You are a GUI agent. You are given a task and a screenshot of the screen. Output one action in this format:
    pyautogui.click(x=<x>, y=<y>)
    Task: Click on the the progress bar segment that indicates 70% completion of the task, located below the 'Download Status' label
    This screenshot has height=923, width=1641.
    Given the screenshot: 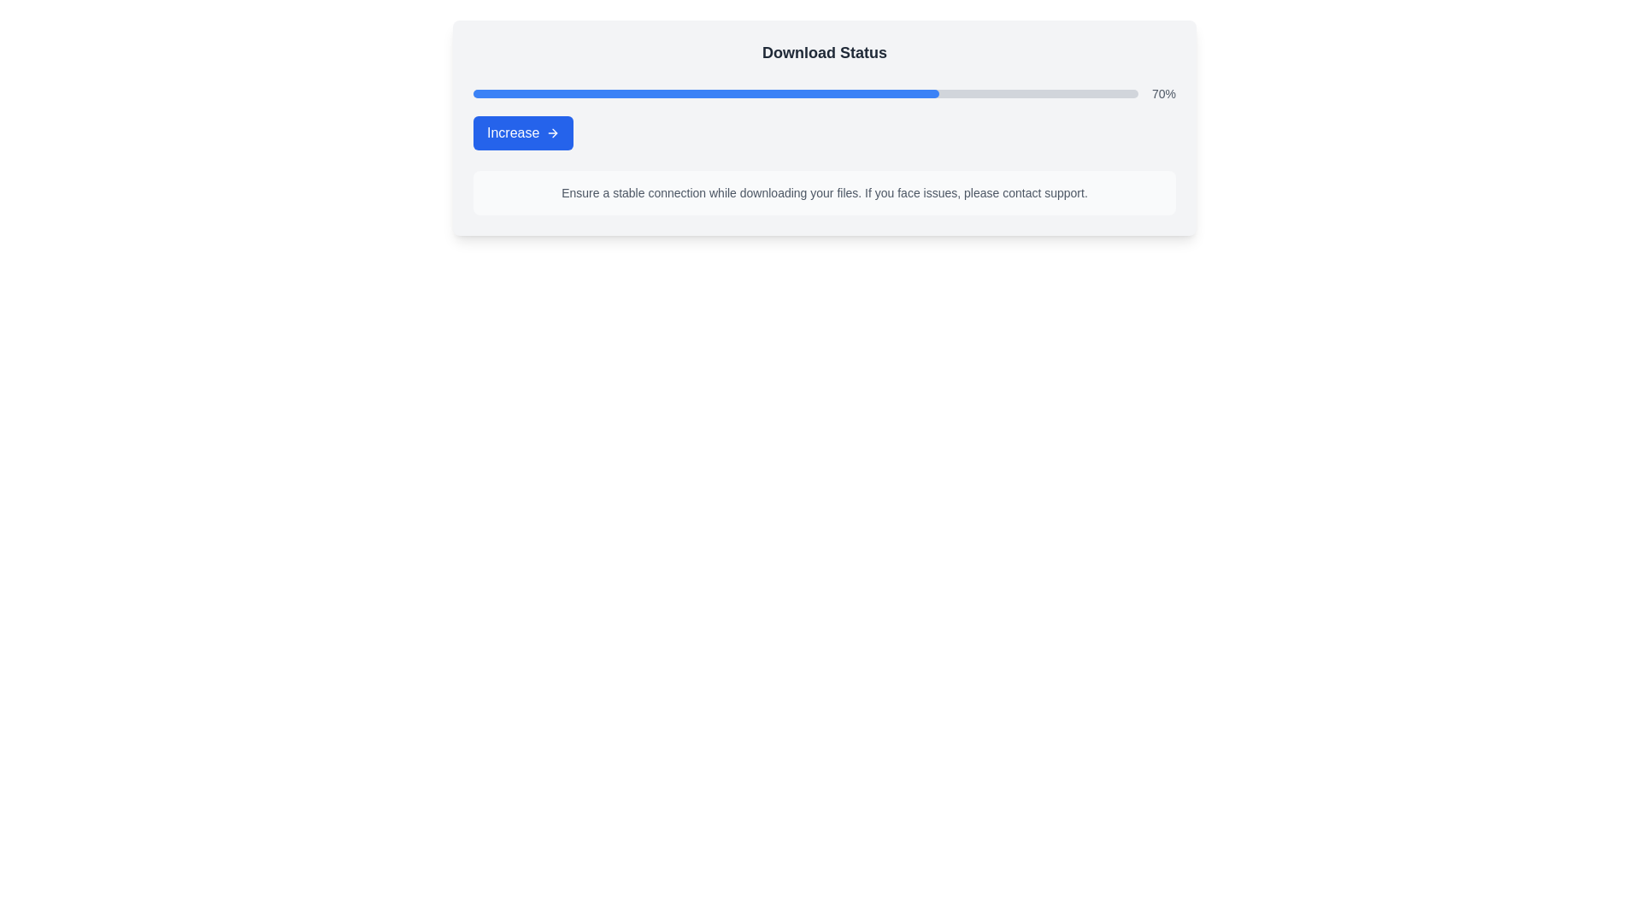 What is the action you would take?
    pyautogui.click(x=706, y=94)
    